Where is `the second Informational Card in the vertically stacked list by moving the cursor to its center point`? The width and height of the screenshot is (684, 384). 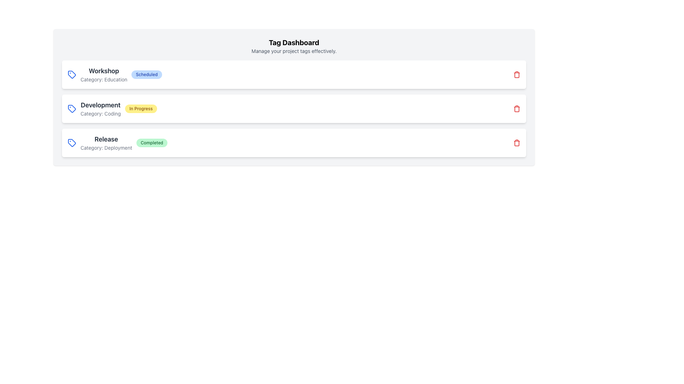
the second Informational Card in the vertically stacked list by moving the cursor to its center point is located at coordinates (294, 108).